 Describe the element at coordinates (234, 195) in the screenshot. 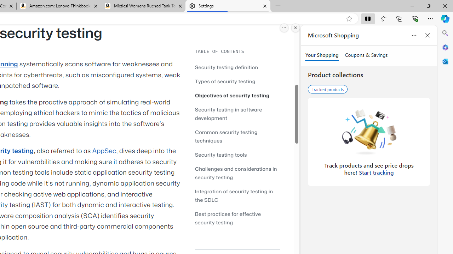

I see `'Integration of security testing in the SDLC'` at that location.